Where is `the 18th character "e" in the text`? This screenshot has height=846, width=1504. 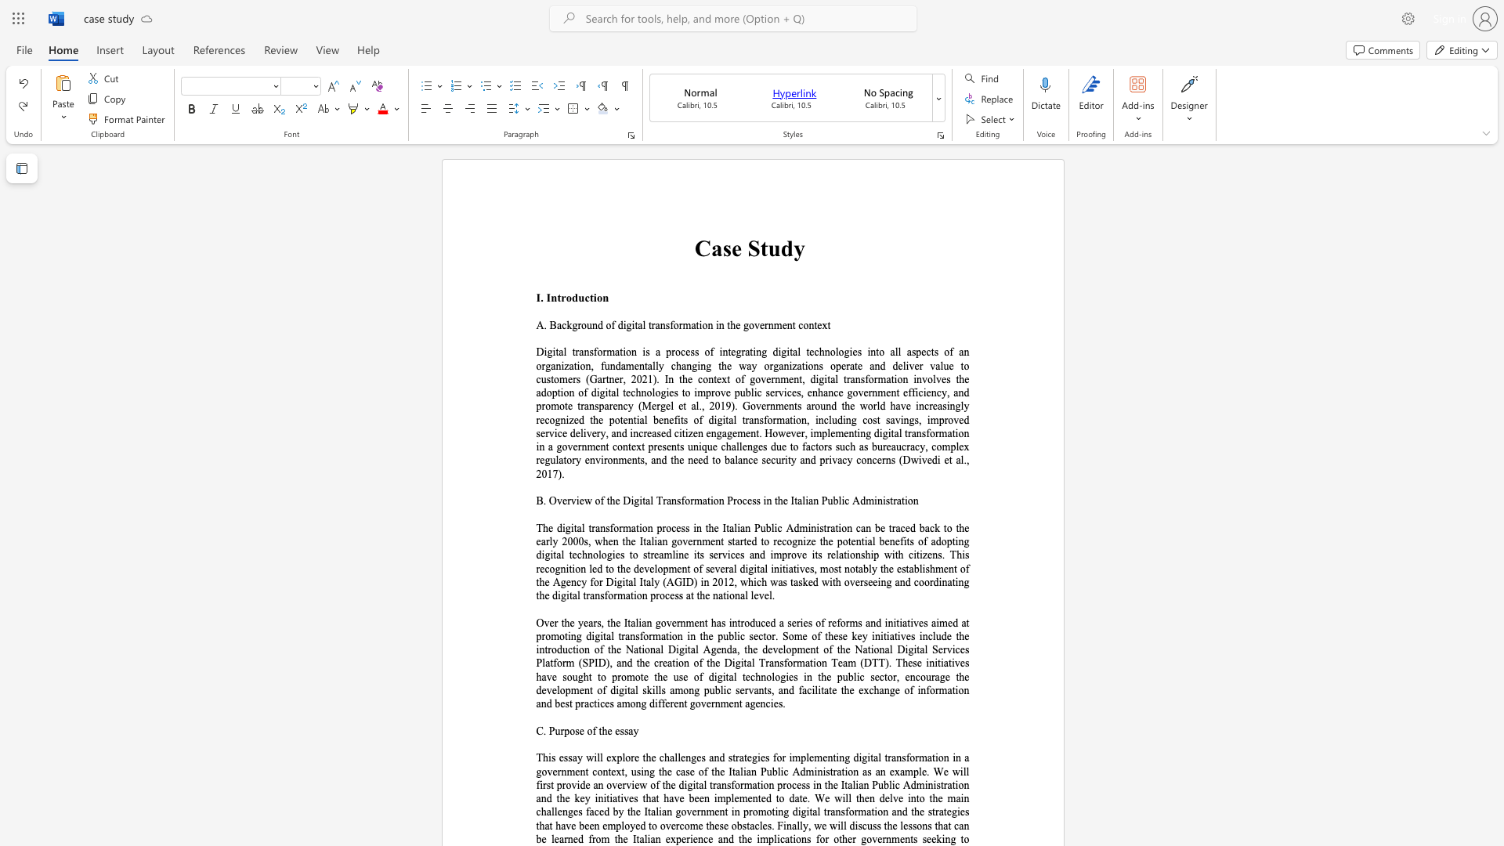 the 18th character "e" in the text is located at coordinates (924, 771).